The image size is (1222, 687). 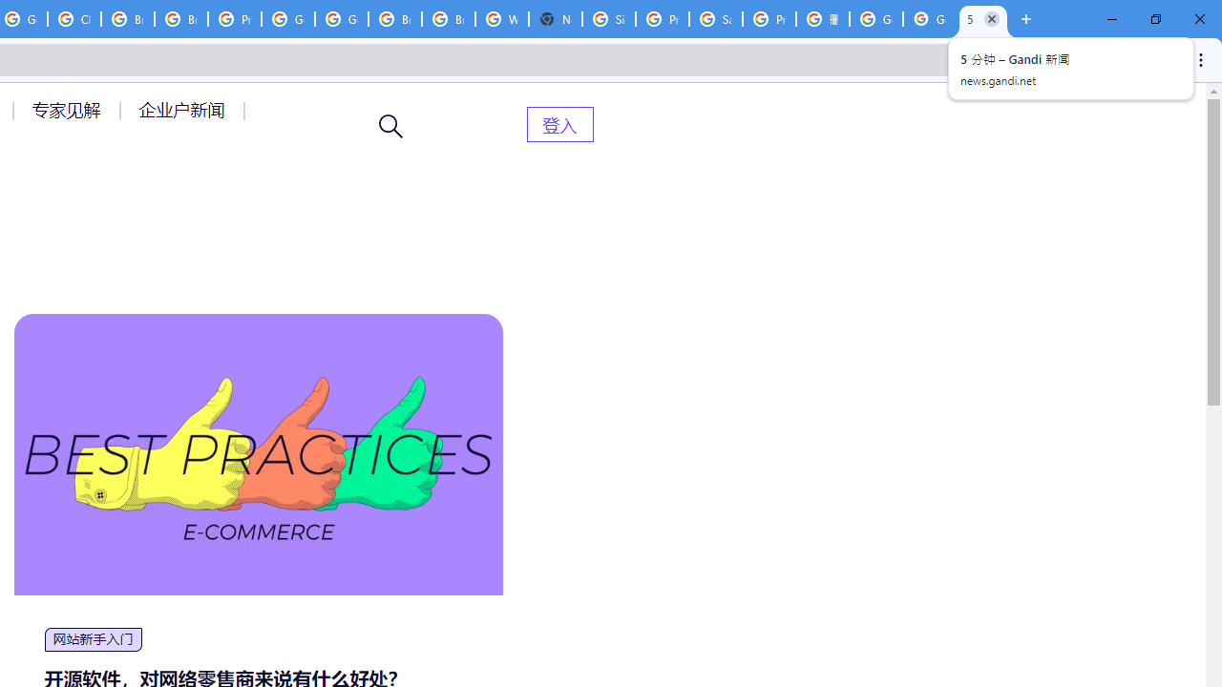 What do you see at coordinates (390, 126) in the screenshot?
I see `'Open search form'` at bounding box center [390, 126].